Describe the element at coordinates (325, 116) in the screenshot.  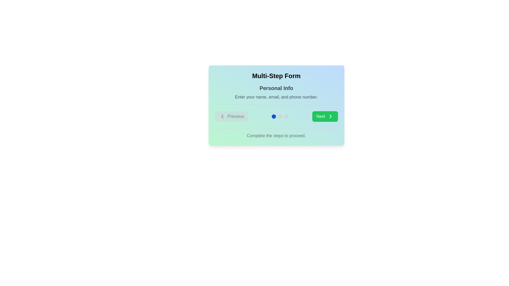
I see `the green 'Next' button with white text and a right-facing chevron icon to proceed` at that location.